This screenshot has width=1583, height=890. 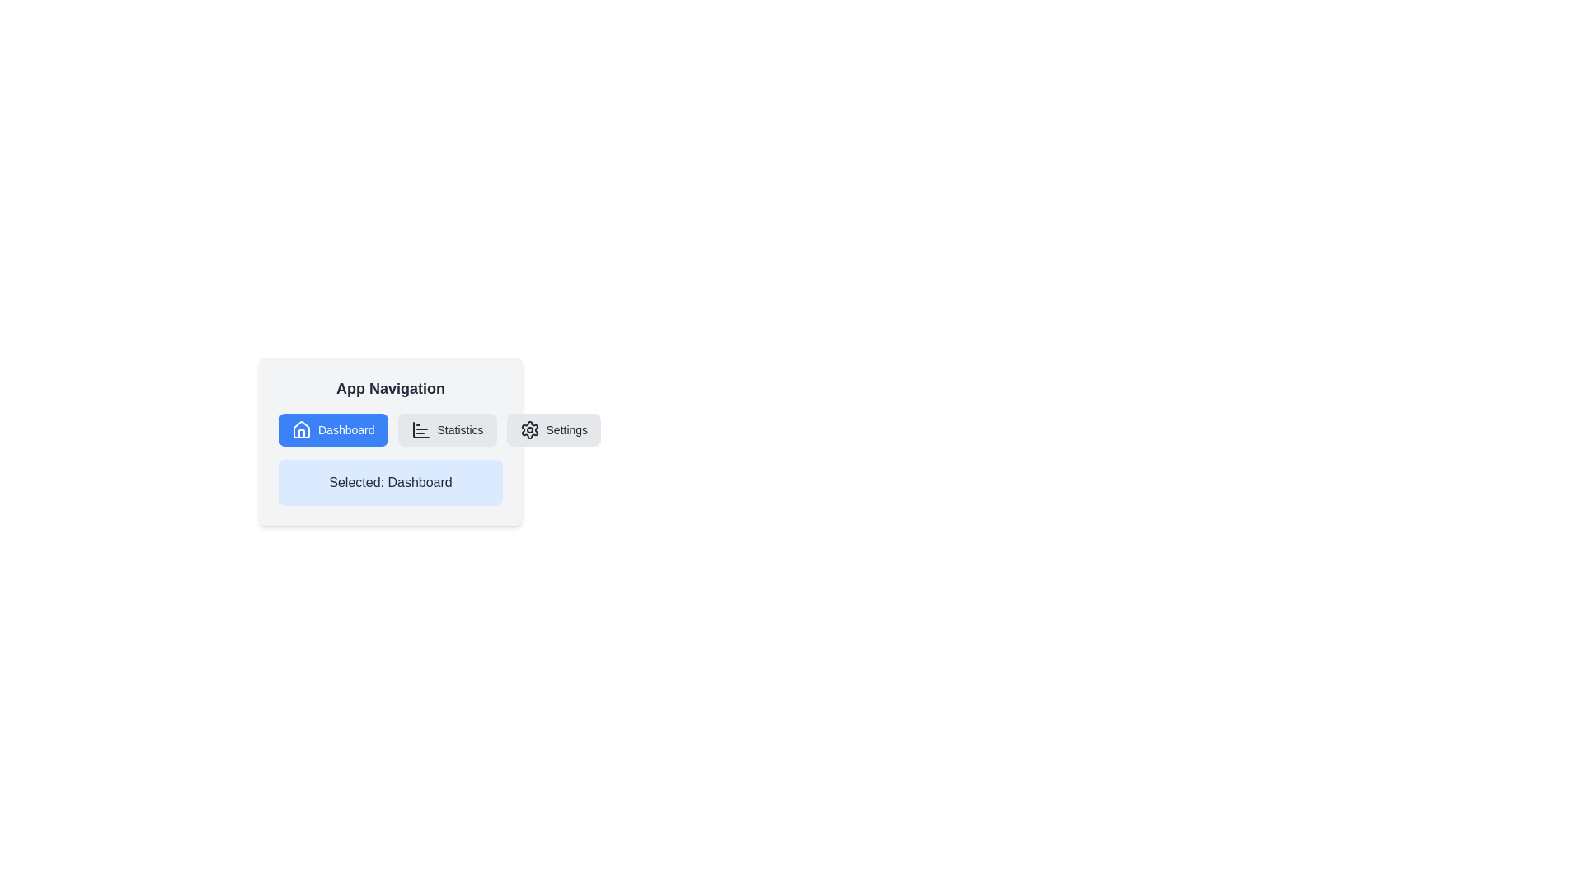 I want to click on the blue house icon located to the left of the 'Dashboard' text label in the primary navigation section, so click(x=301, y=428).